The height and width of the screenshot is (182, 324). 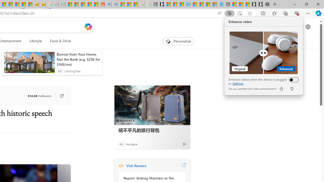 I want to click on 'like', so click(x=281, y=88).